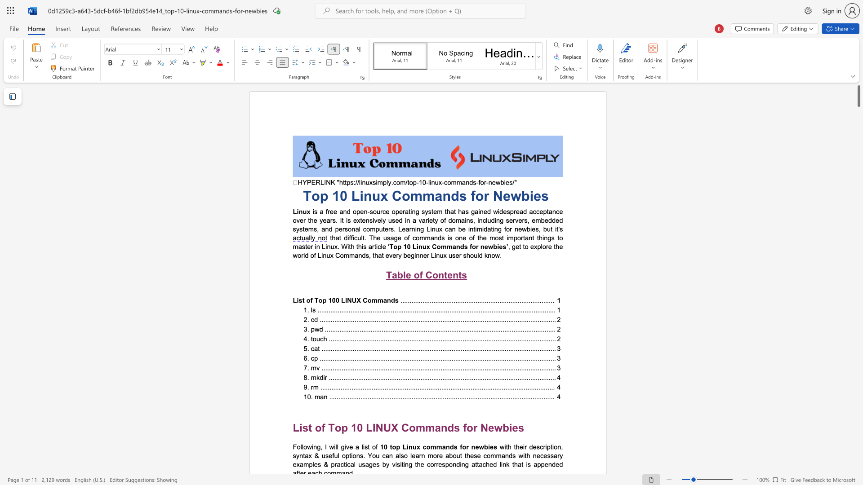  I want to click on the subset text "Newbies" within the text "Top 10 Linux Commands for Newbies", so click(492, 195).